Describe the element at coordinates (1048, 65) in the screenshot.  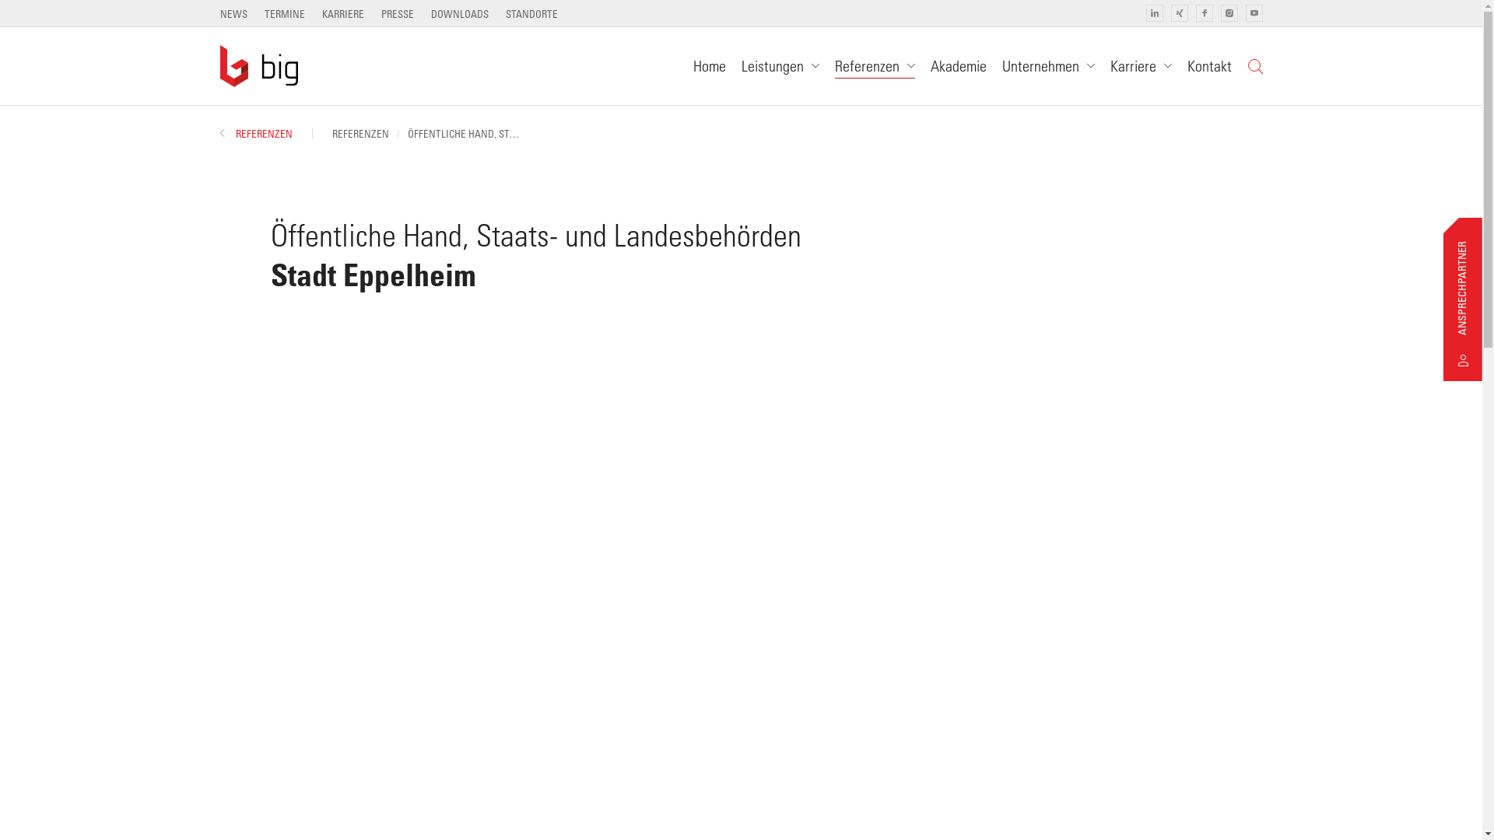
I see `'Unternehmen'` at that location.